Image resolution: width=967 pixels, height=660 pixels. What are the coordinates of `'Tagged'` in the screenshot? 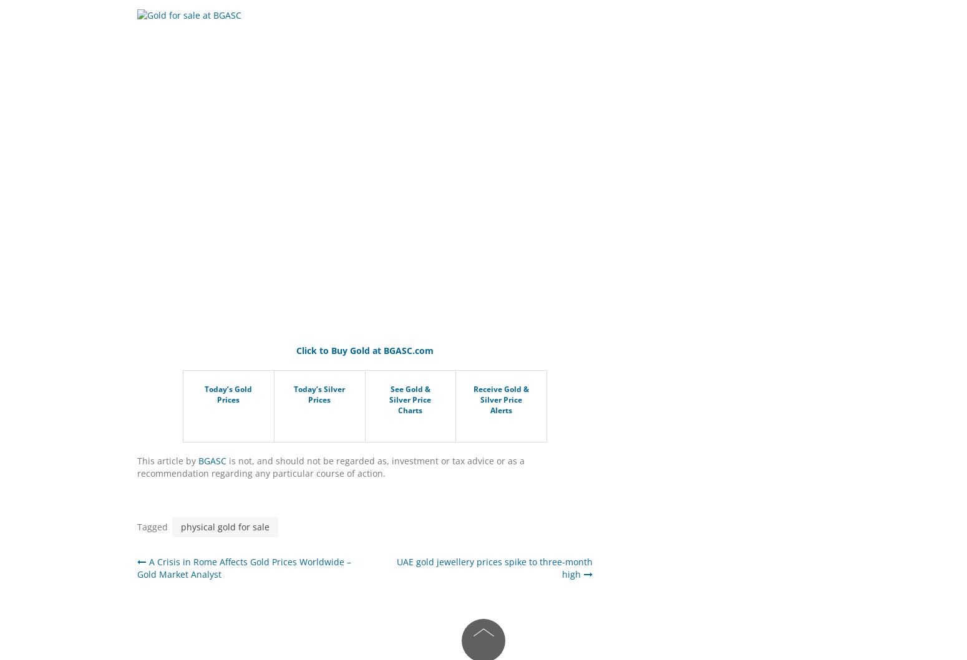 It's located at (136, 526).